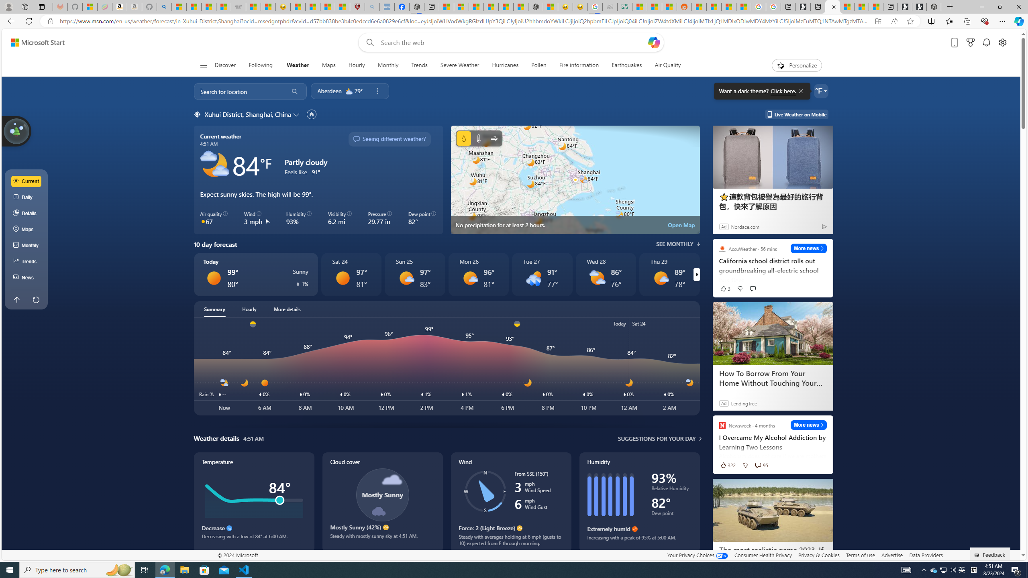 Image resolution: width=1028 pixels, height=578 pixels. I want to click on 'Weather', so click(298, 65).